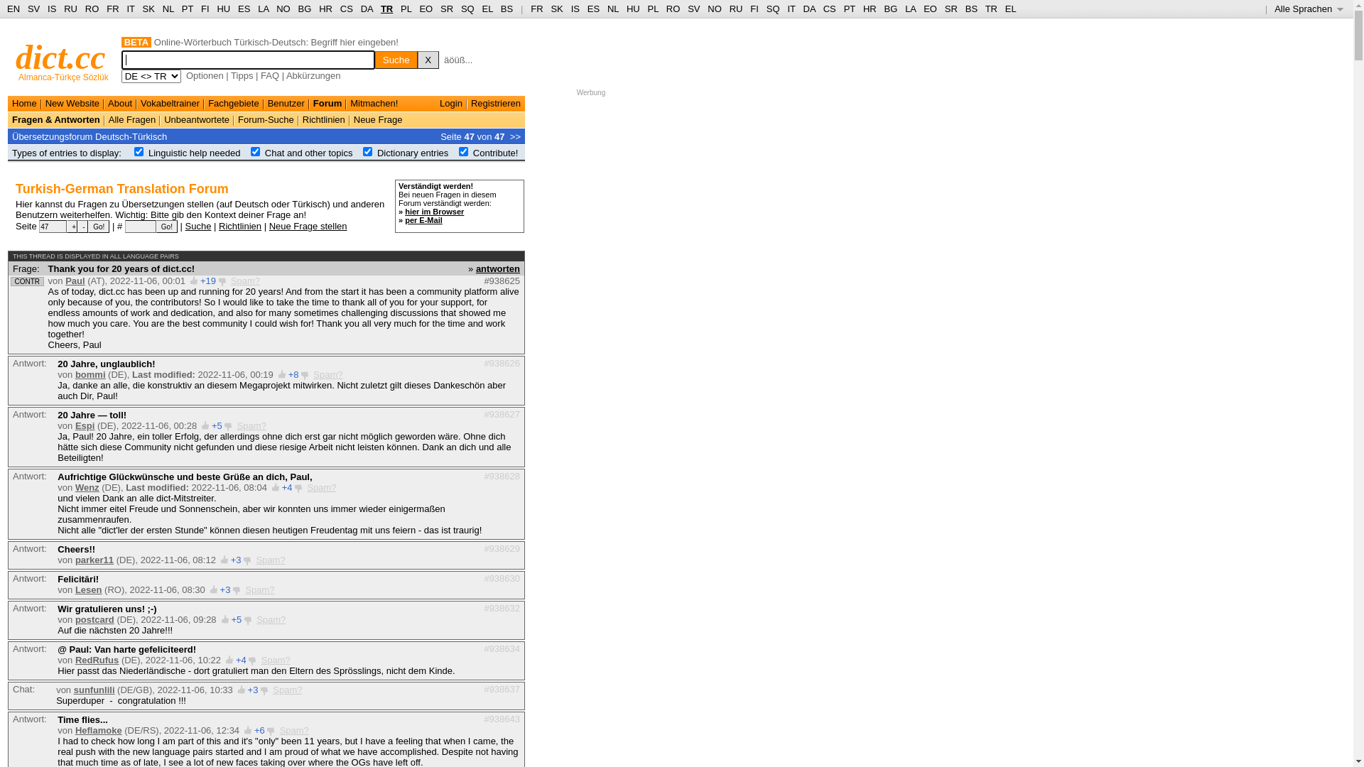  I want to click on 'EN', so click(13, 9).